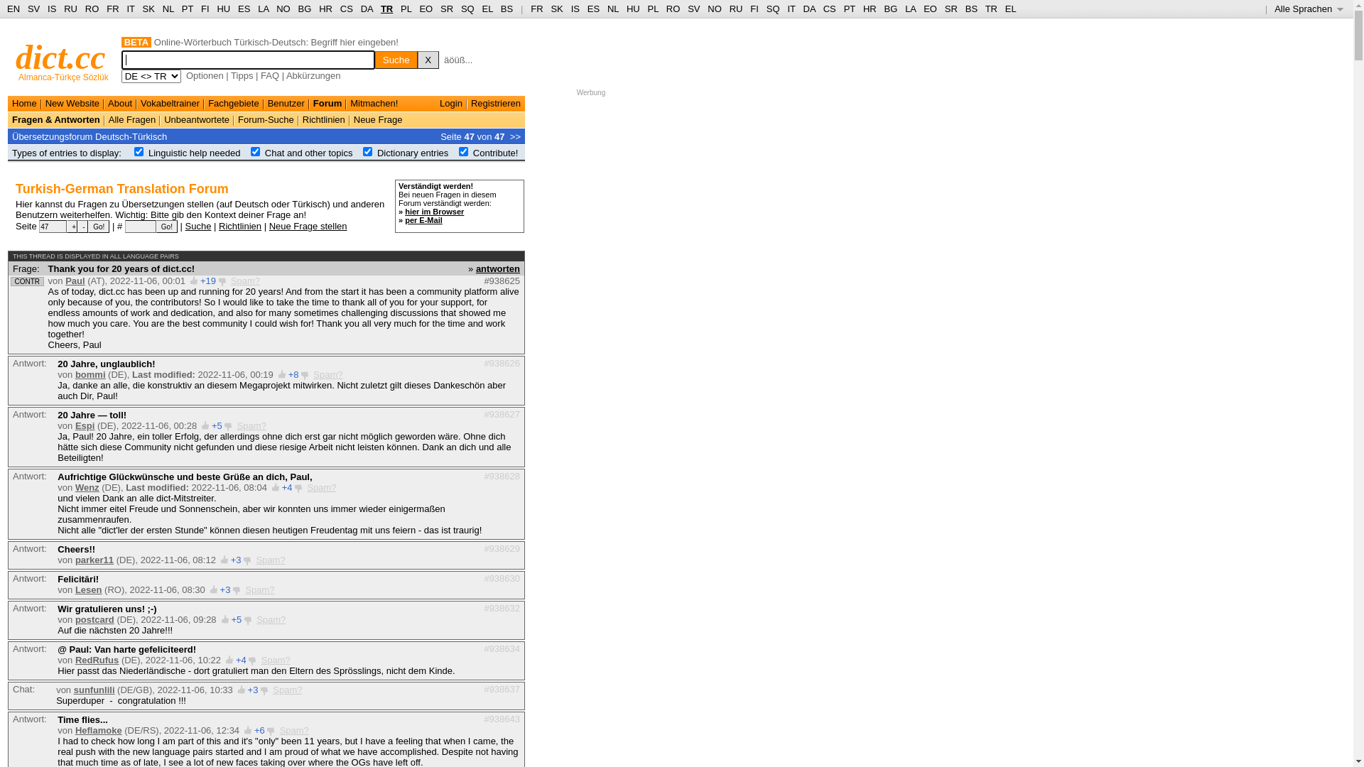  I want to click on 'EN', so click(13, 9).